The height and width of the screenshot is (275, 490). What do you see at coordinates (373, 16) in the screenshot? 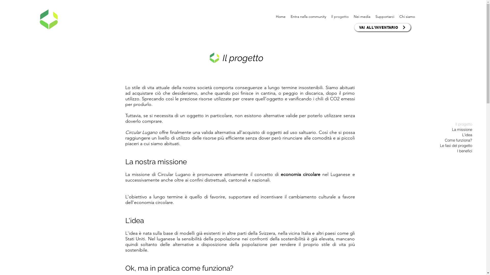
I see `'Supportarci'` at bounding box center [373, 16].